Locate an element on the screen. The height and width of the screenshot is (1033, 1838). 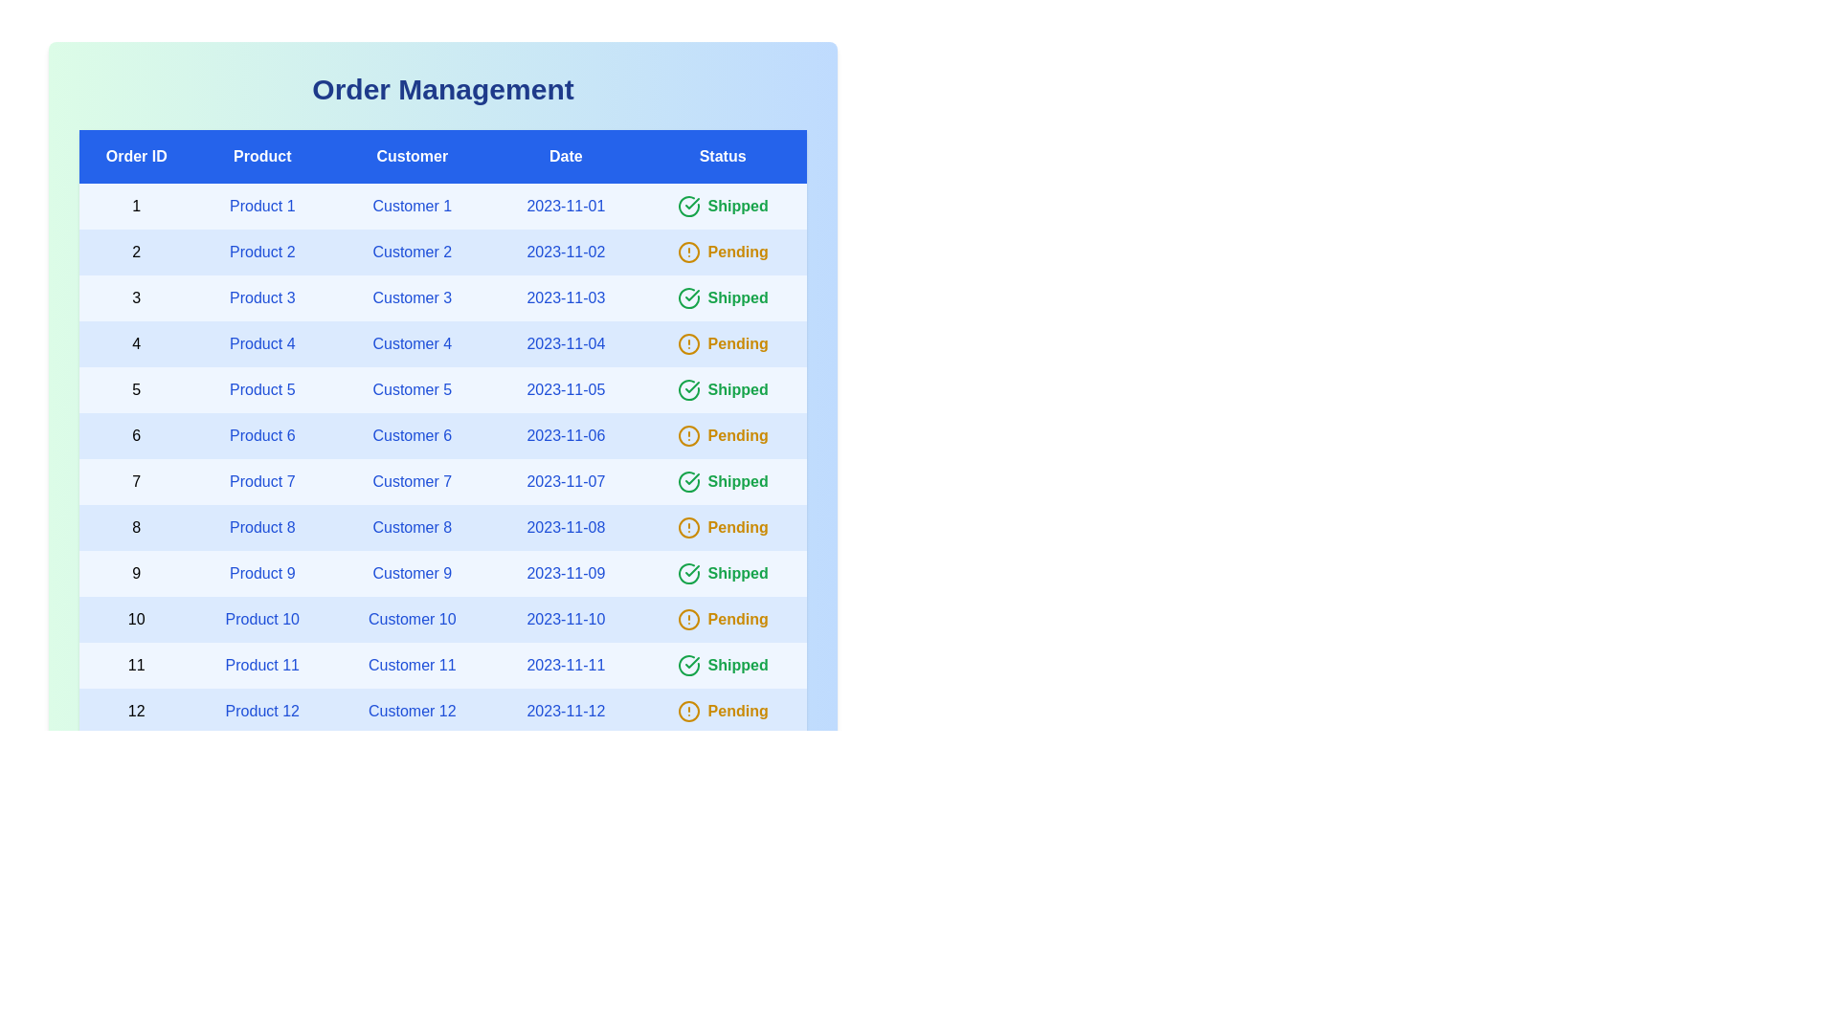
the column header to sort the table by Product is located at coordinates (260, 156).